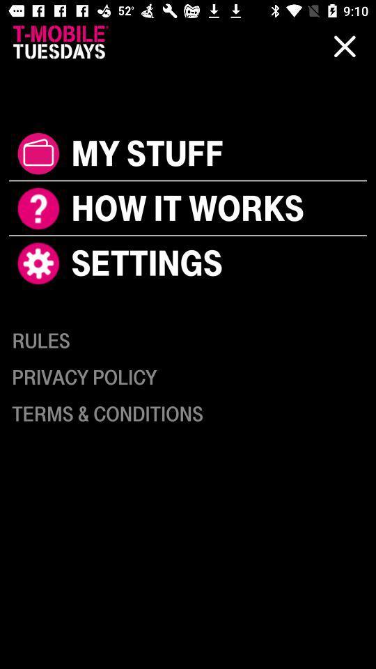 This screenshot has width=376, height=669. I want to click on icon on the left side of mt stuff, so click(38, 153).